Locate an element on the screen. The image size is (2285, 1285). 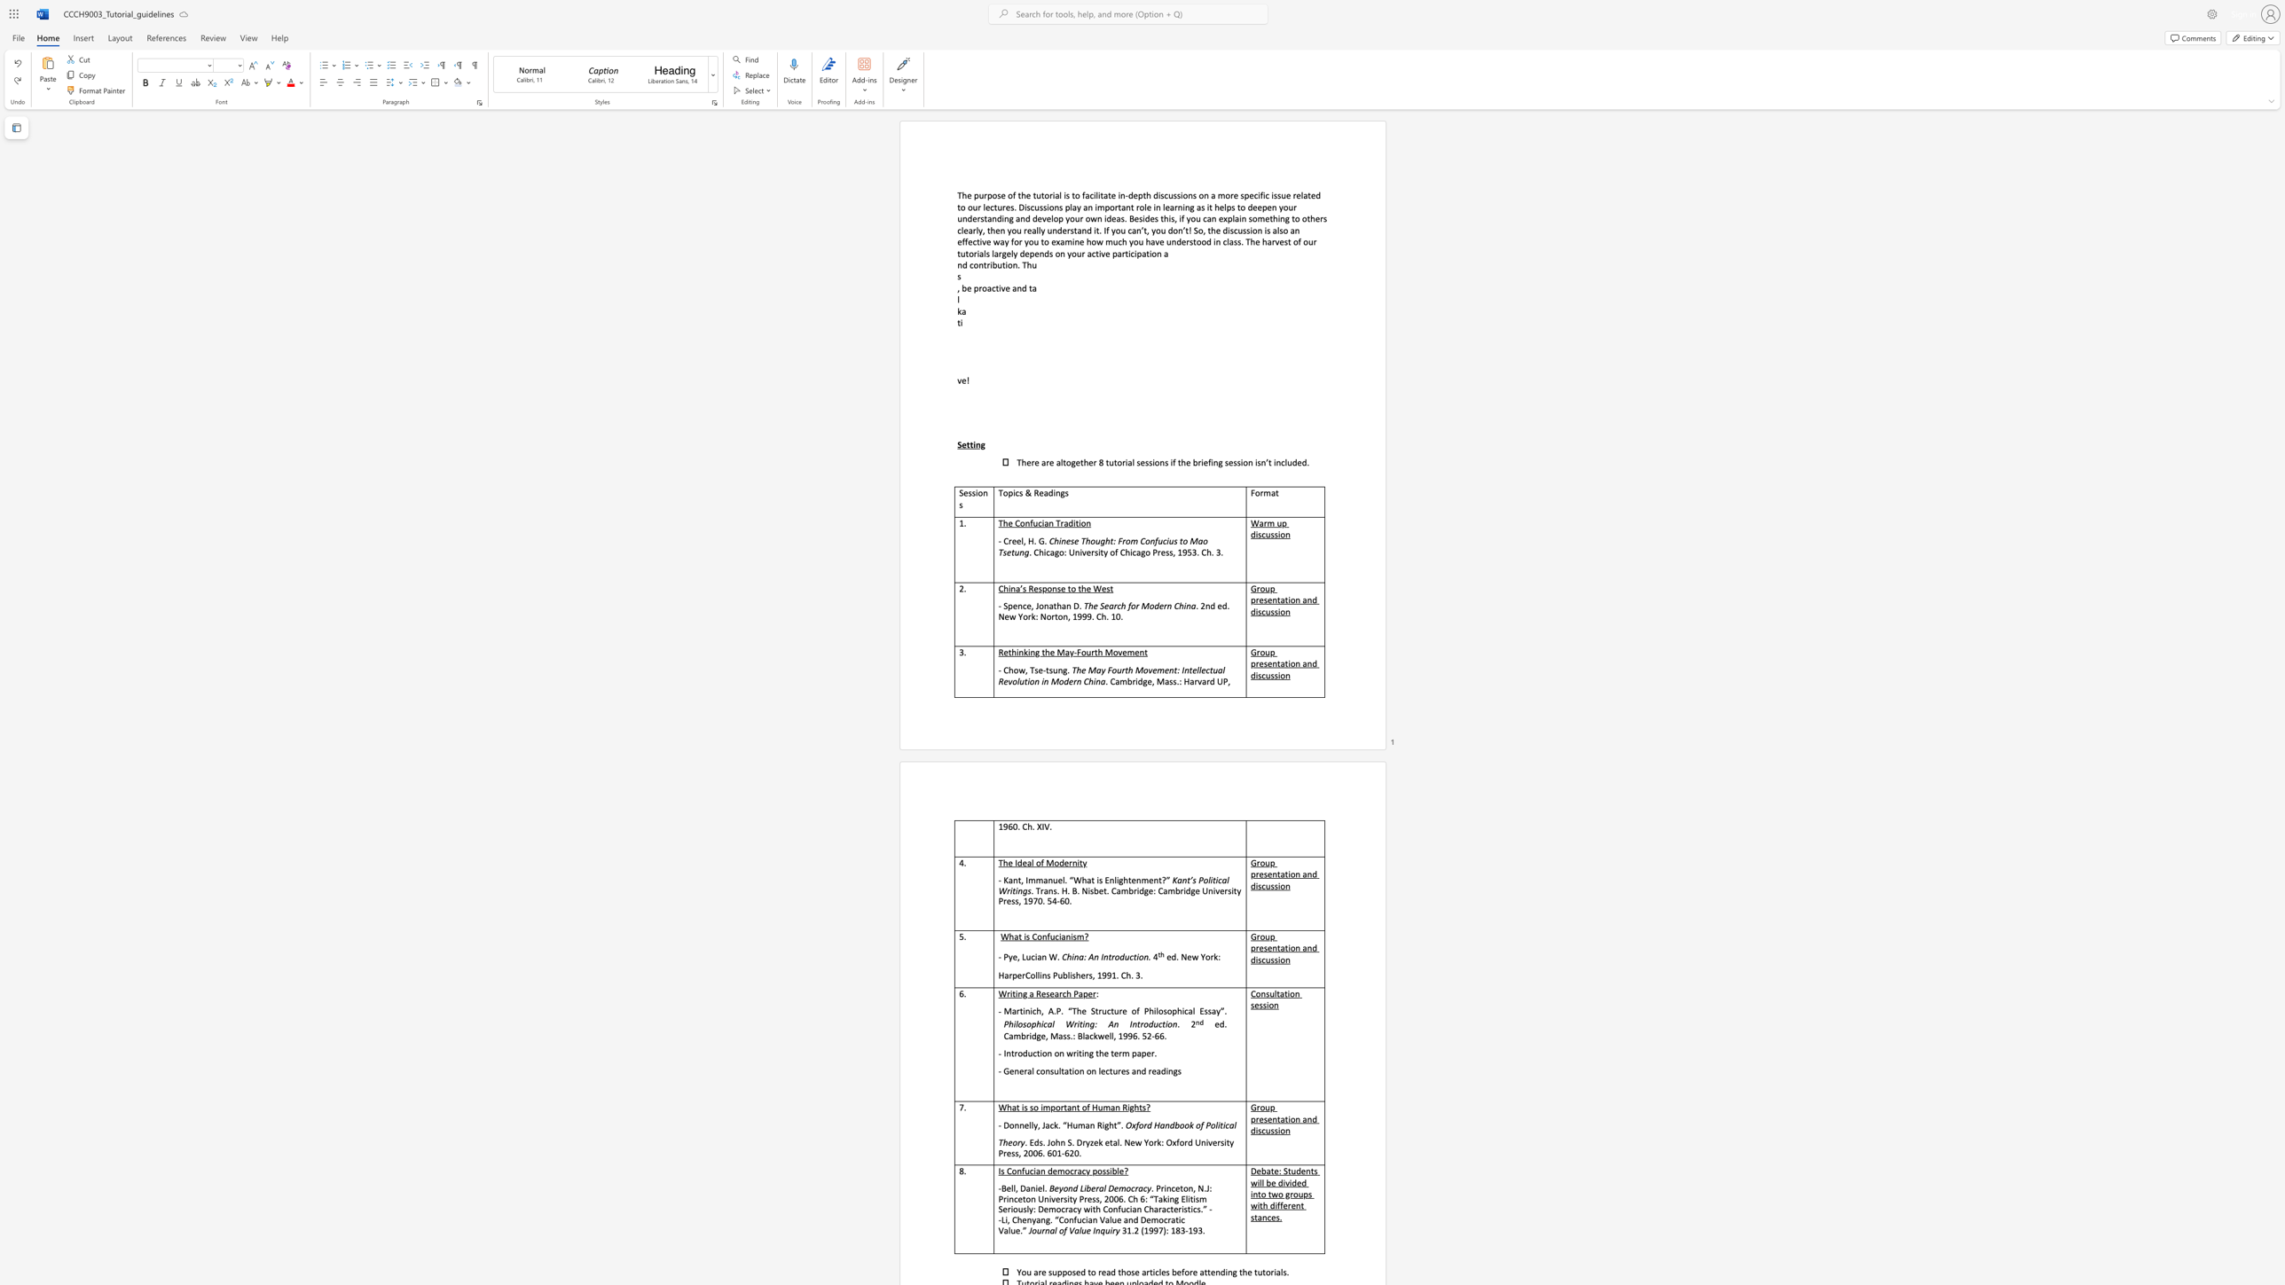
the subset text "io" within the text "The Confucian Tradition" is located at coordinates (1078, 521).